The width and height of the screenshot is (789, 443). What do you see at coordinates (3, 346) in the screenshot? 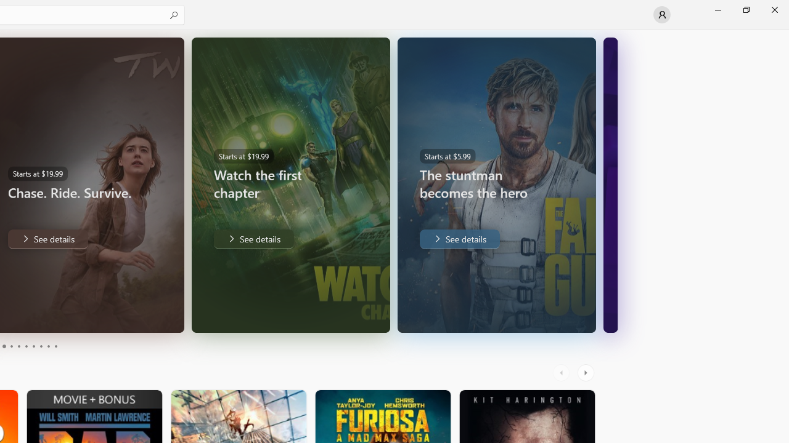
I see `'Page 3'` at bounding box center [3, 346].